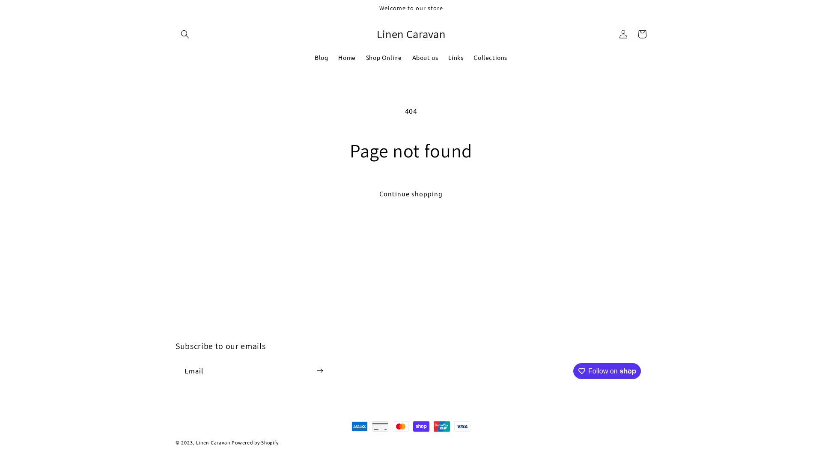 Image resolution: width=822 pixels, height=462 pixels. What do you see at coordinates (195, 442) in the screenshot?
I see `'Linen Caravan'` at bounding box center [195, 442].